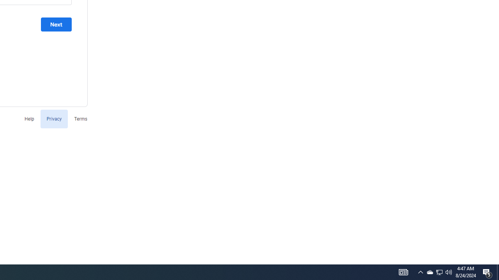  What do you see at coordinates (56, 24) in the screenshot?
I see `'Next'` at bounding box center [56, 24].